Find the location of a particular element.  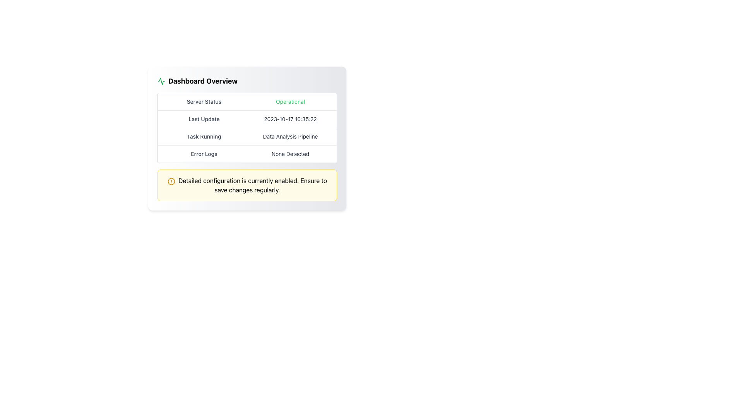

the title text element located in the top-left segment of the content area, positioned to the right of a green heartbeat icon is located at coordinates (203, 81).